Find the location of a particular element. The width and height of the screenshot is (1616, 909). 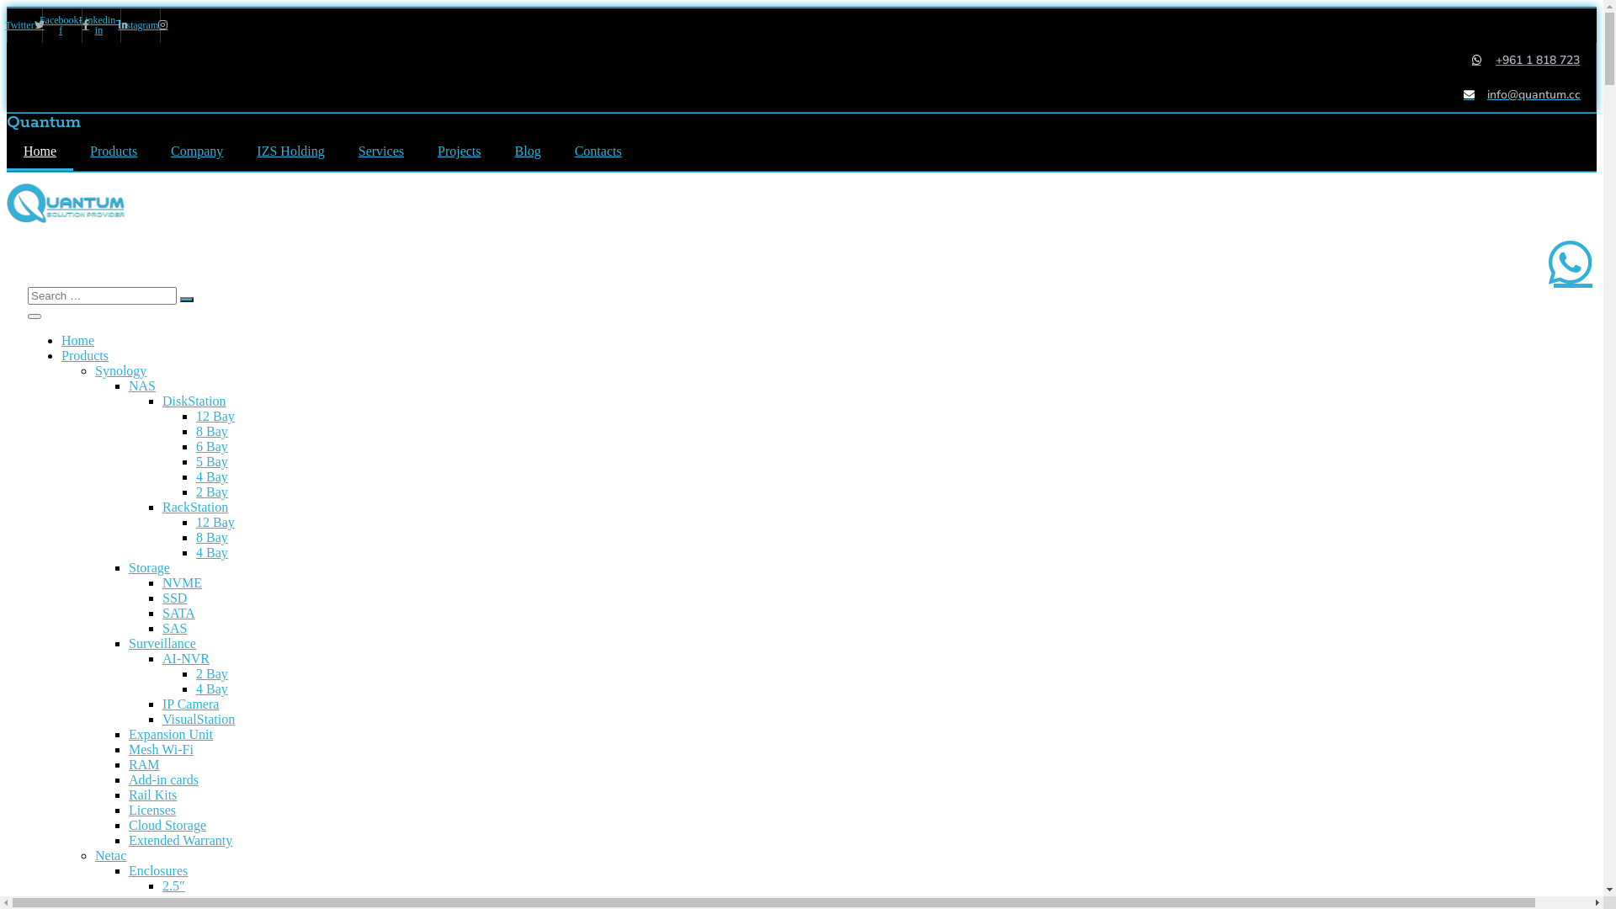

'Twitter' is located at coordinates (24, 25).